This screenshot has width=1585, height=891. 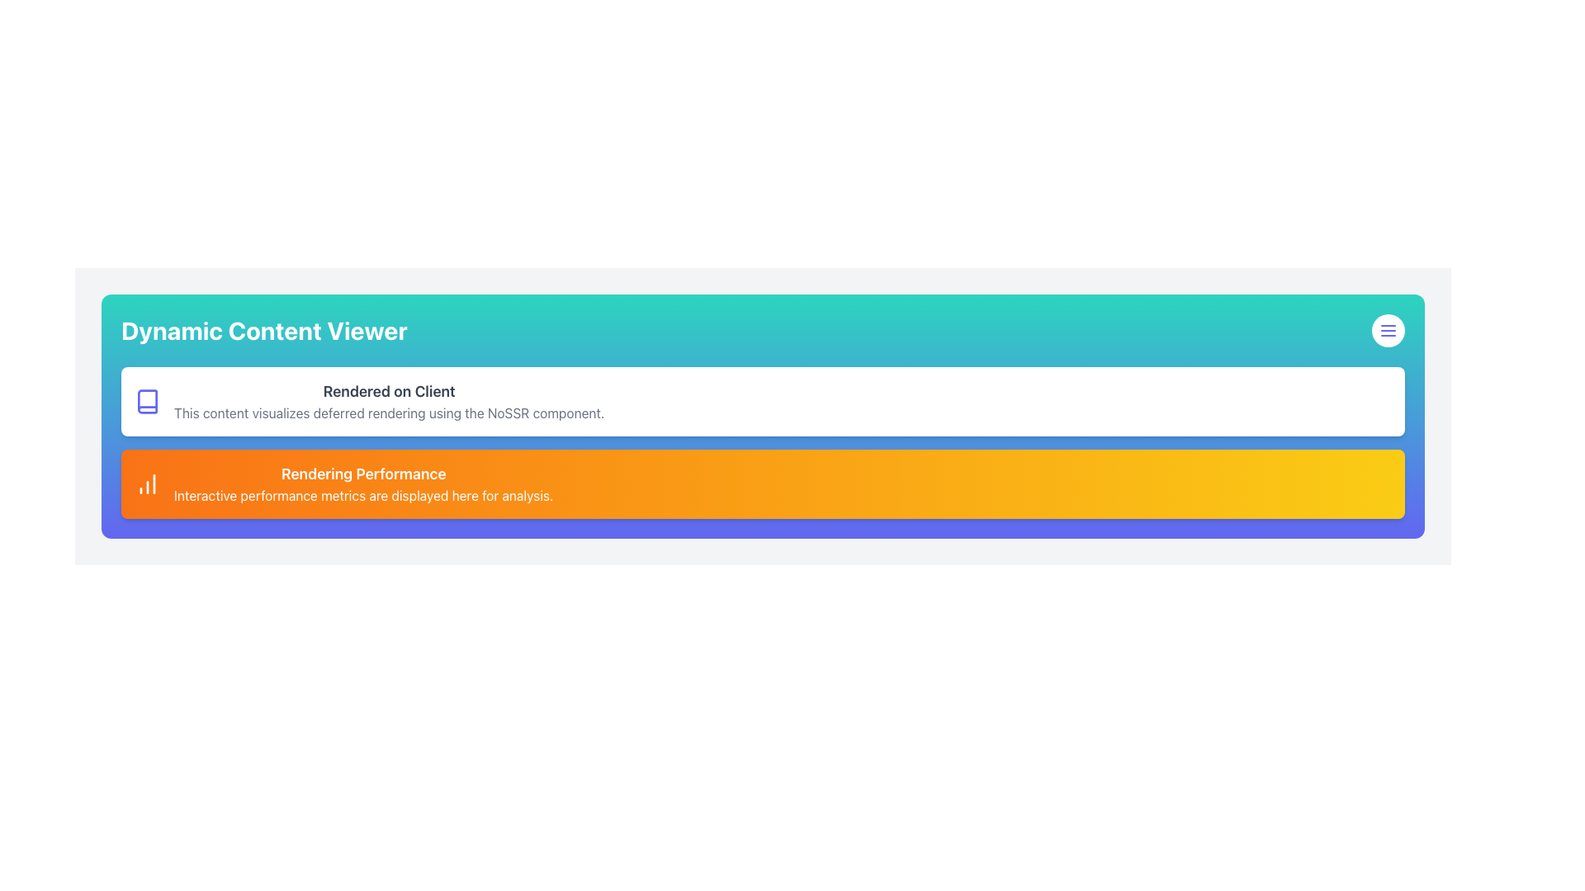 I want to click on the unique three-horizontal-line menu icon button located in the top-right corner of the gradient interface header, so click(x=1387, y=331).